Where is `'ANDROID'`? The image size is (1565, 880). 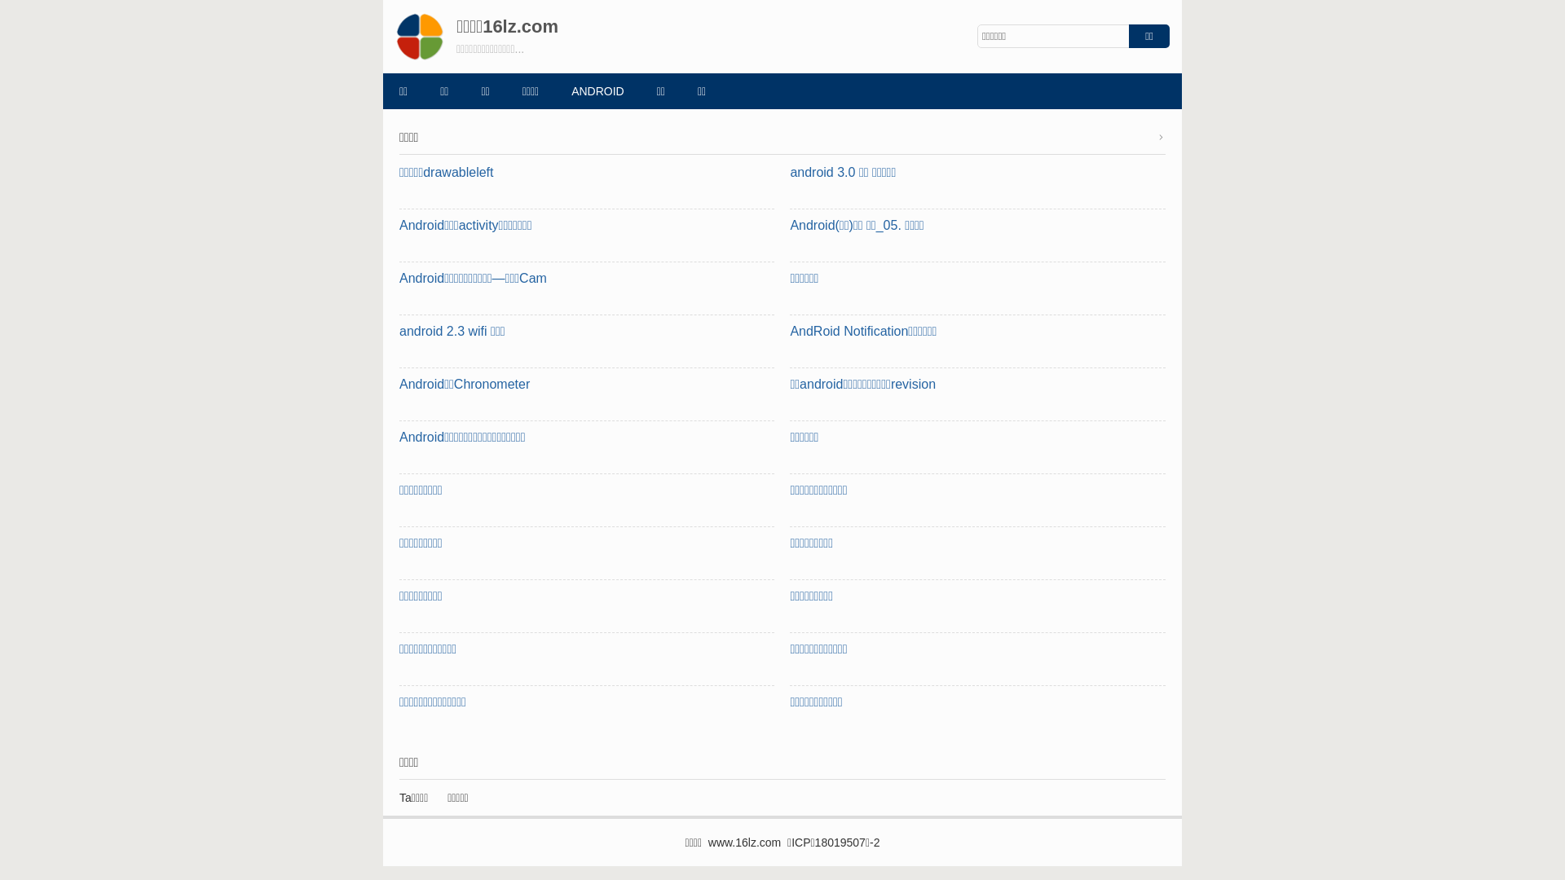 'ANDROID' is located at coordinates (597, 90).